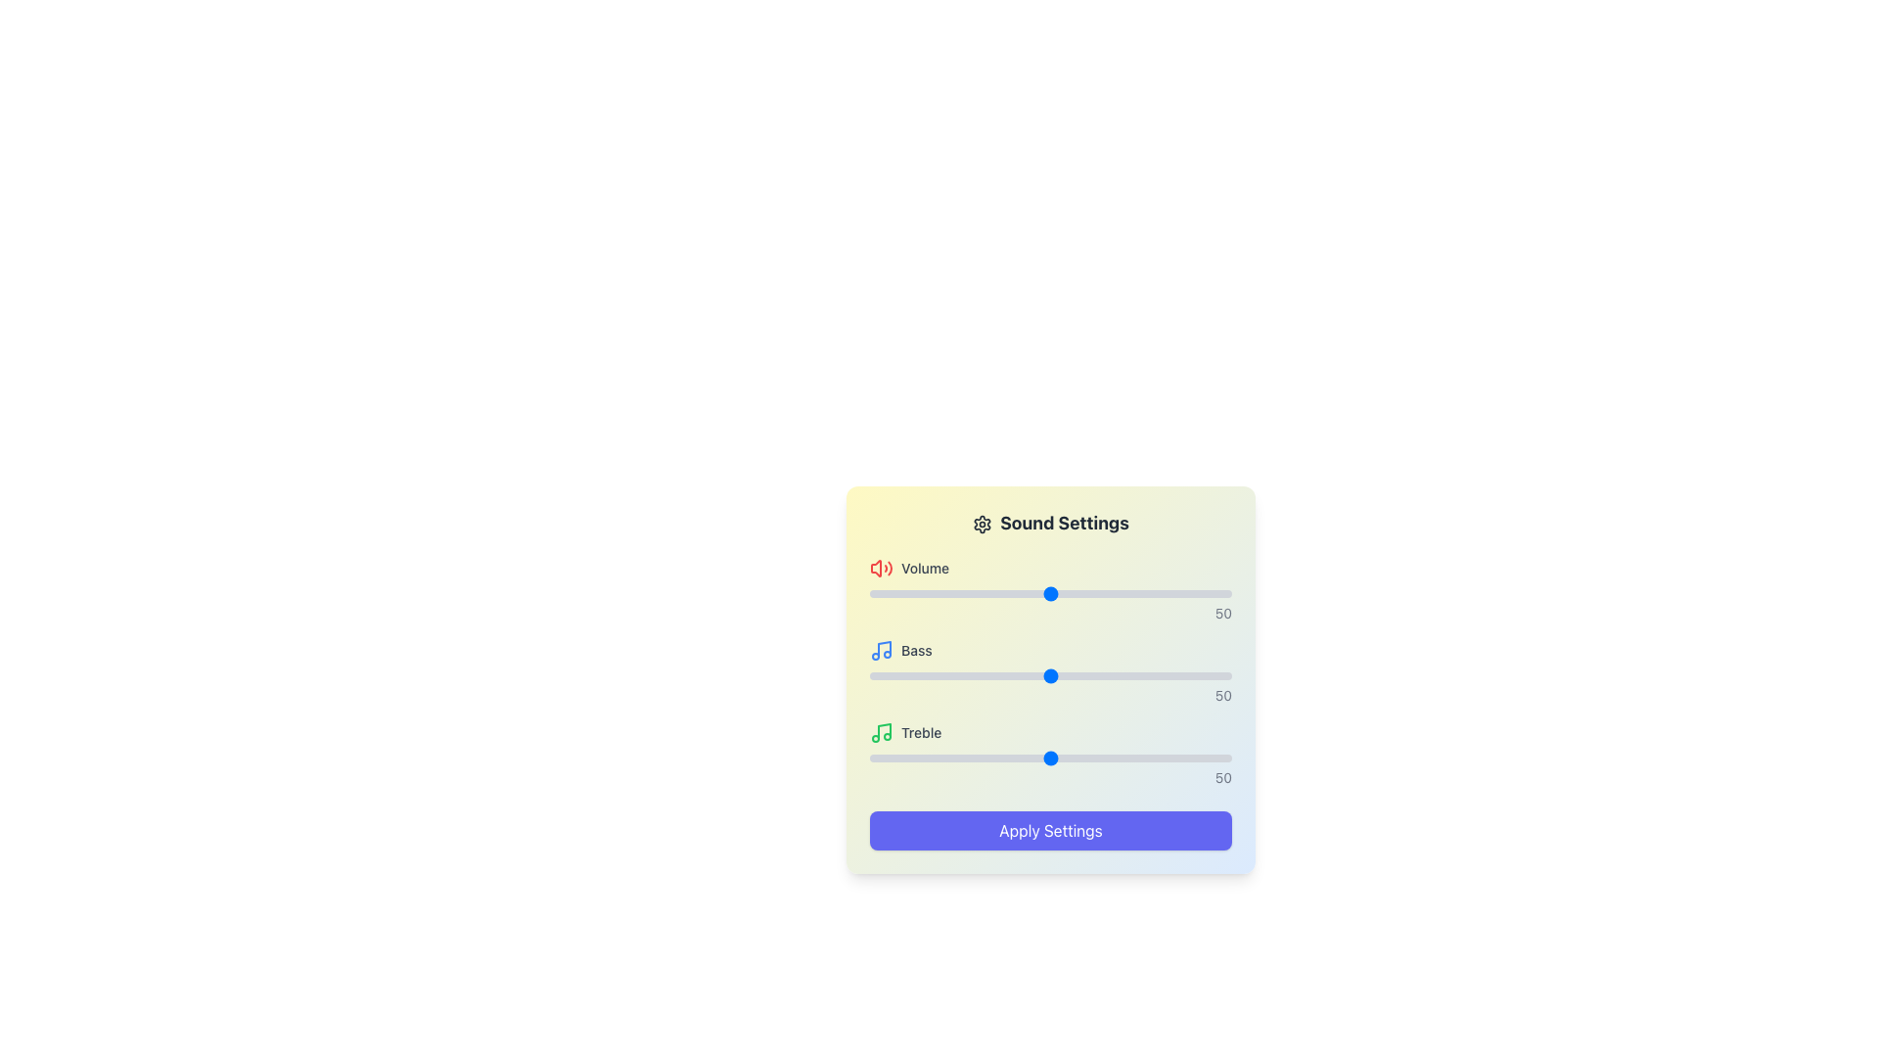 The width and height of the screenshot is (1879, 1057). What do you see at coordinates (989, 592) in the screenshot?
I see `the volume` at bounding box center [989, 592].